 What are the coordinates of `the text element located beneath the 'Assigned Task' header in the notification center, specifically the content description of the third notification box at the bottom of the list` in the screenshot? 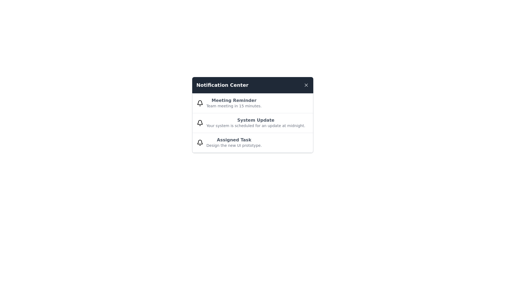 It's located at (234, 145).